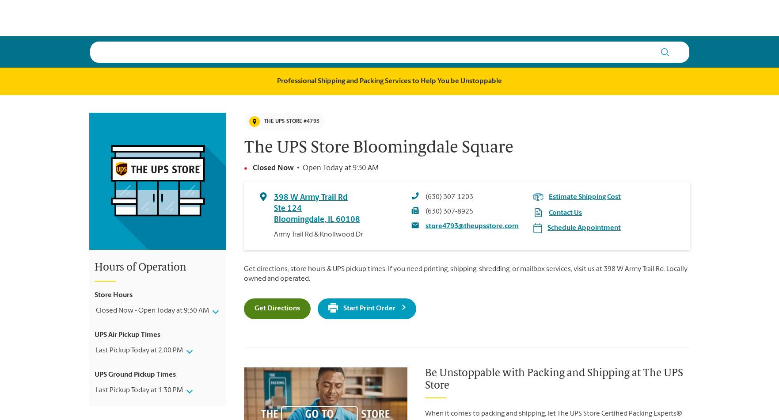 The width and height of the screenshot is (779, 420). Describe the element at coordinates (577, 17) in the screenshot. I see `'Track Package'` at that location.